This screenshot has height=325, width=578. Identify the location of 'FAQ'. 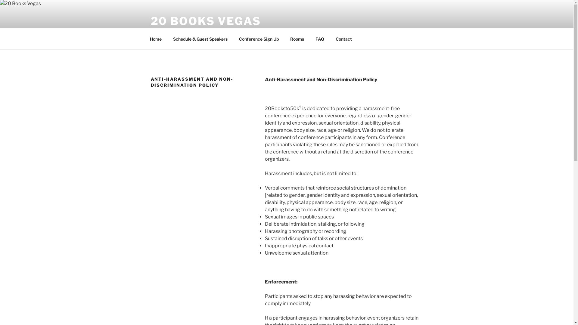
(319, 39).